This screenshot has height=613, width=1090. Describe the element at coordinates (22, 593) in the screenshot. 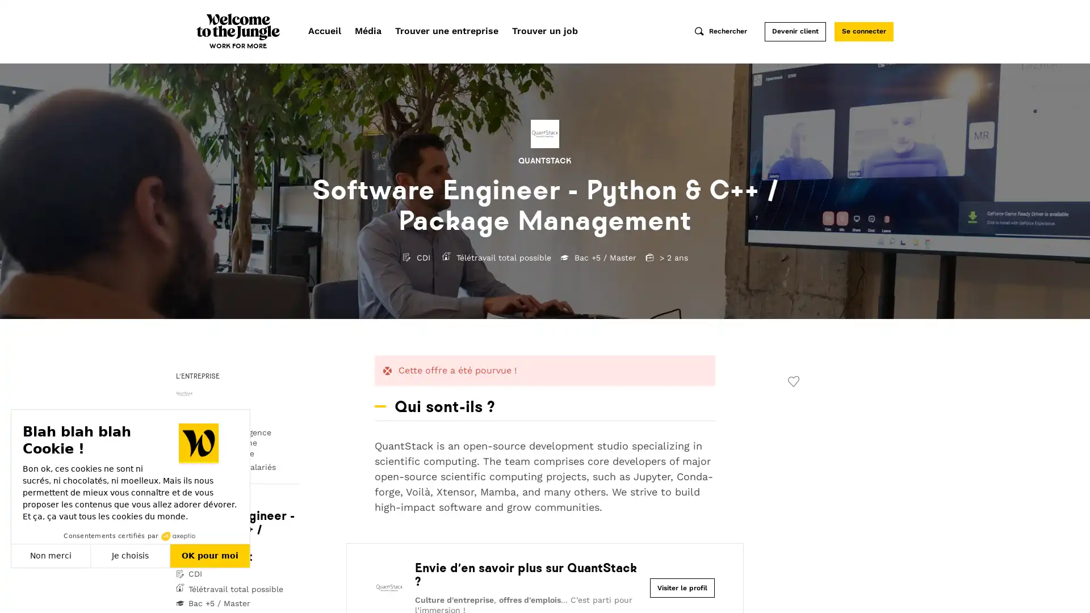

I see `Fermer` at that location.